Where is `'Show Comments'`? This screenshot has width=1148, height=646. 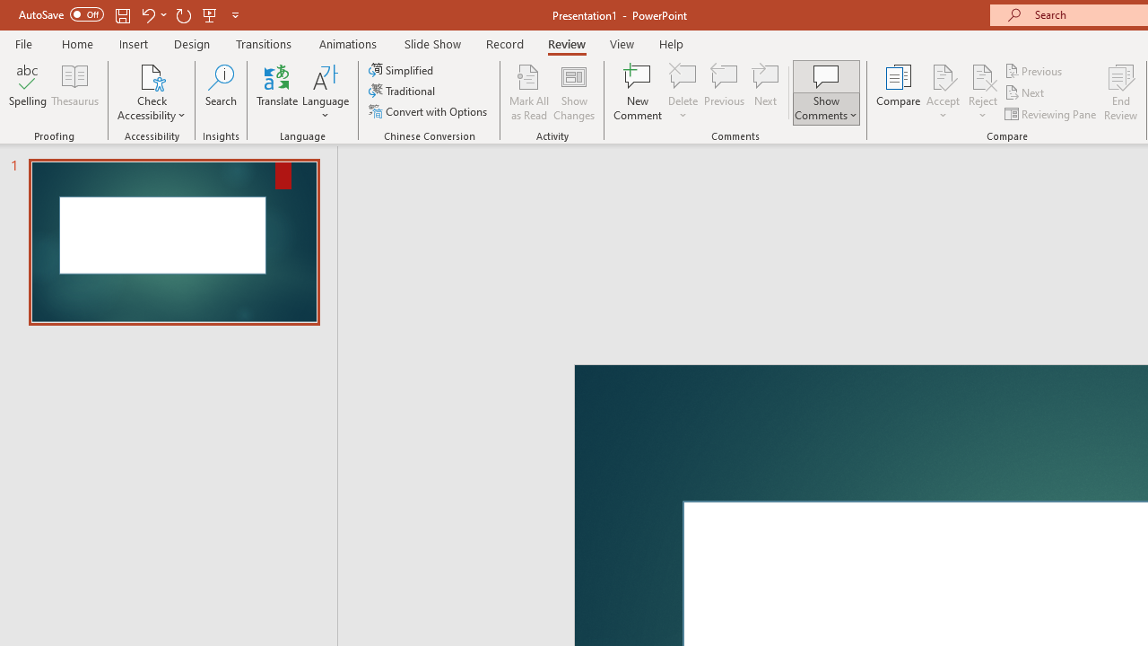
'Show Comments' is located at coordinates (825, 92).